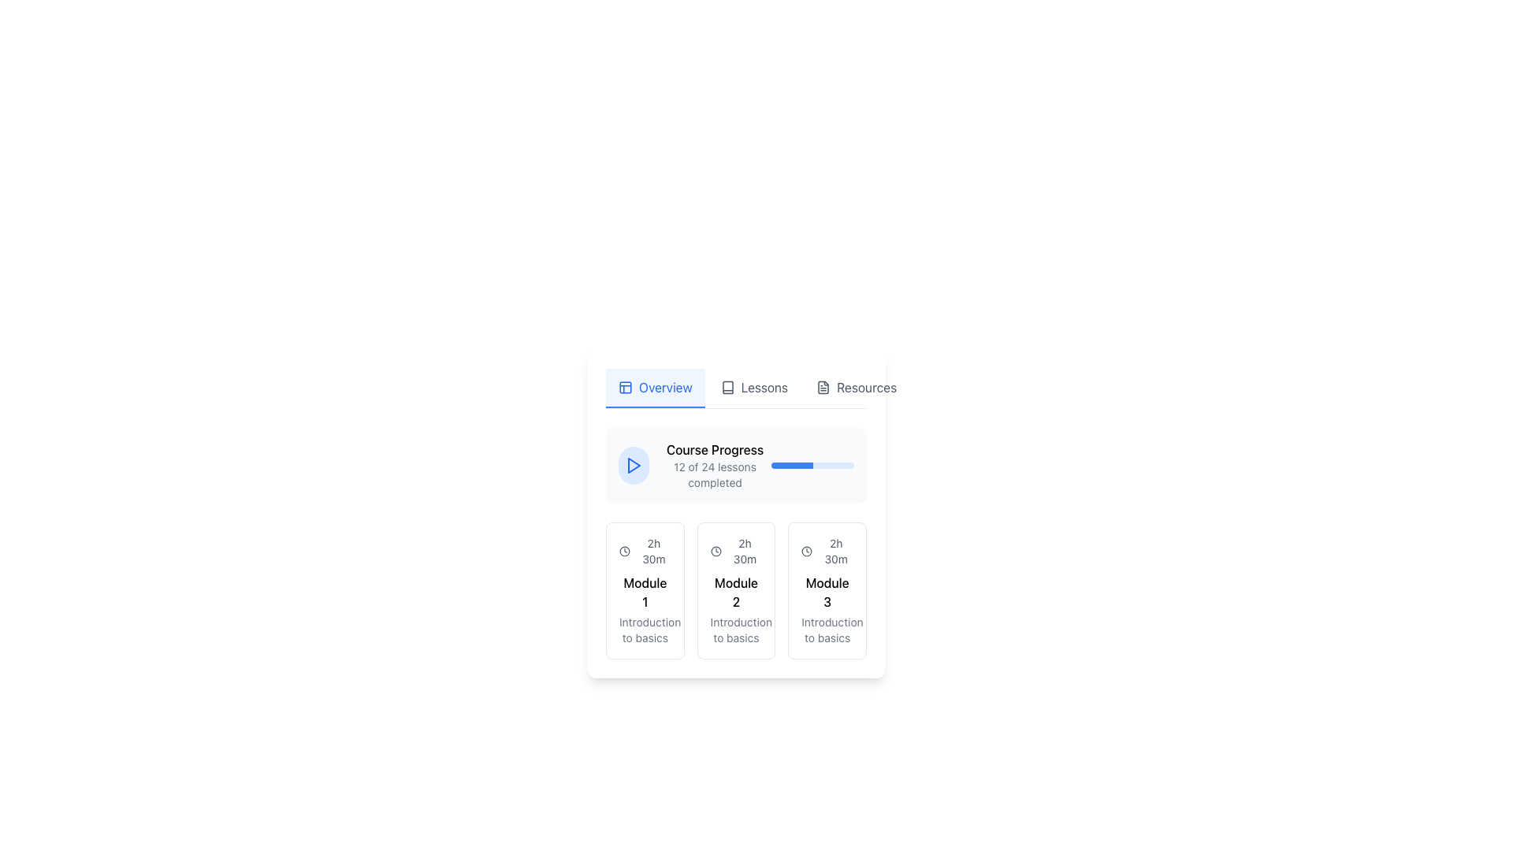 The height and width of the screenshot is (851, 1513). What do you see at coordinates (827, 593) in the screenshot?
I see `the text label displaying 'Module 3', which is located within the third card of a horizontal row, positioned centrally under a clock icon and above 'Introduction to basics'` at bounding box center [827, 593].